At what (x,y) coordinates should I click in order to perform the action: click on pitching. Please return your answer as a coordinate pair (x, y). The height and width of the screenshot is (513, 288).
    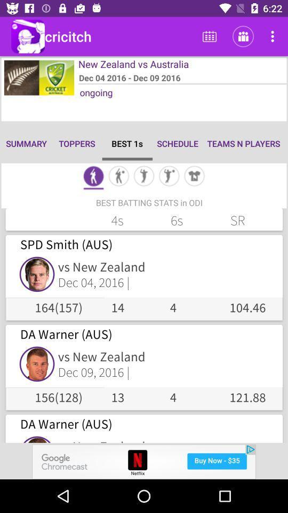
    Looking at the image, I should click on (144, 177).